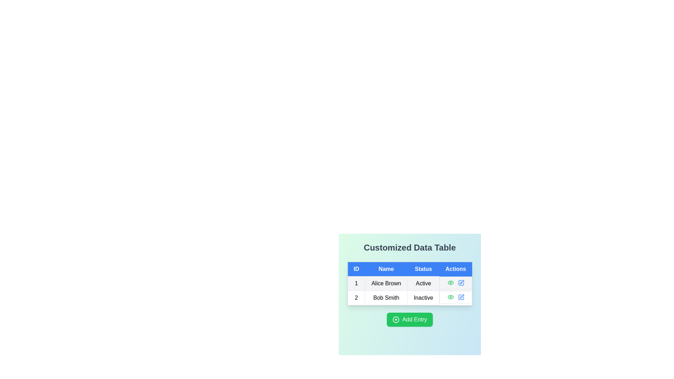 This screenshot has height=379, width=674. Describe the element at coordinates (450, 282) in the screenshot. I see `the green outline eye icon in the 'Actions' column of the second row in the table, which is used for viewing or revealing information` at that location.